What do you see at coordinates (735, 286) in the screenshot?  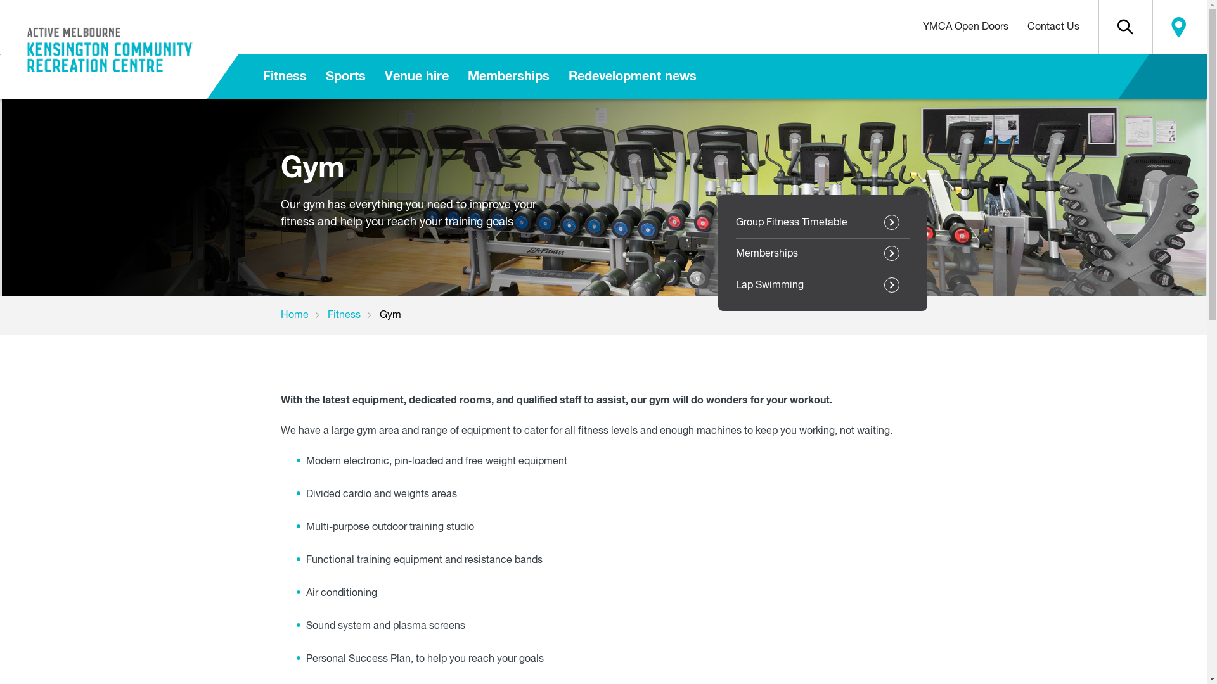 I see `'Lap Swimming'` at bounding box center [735, 286].